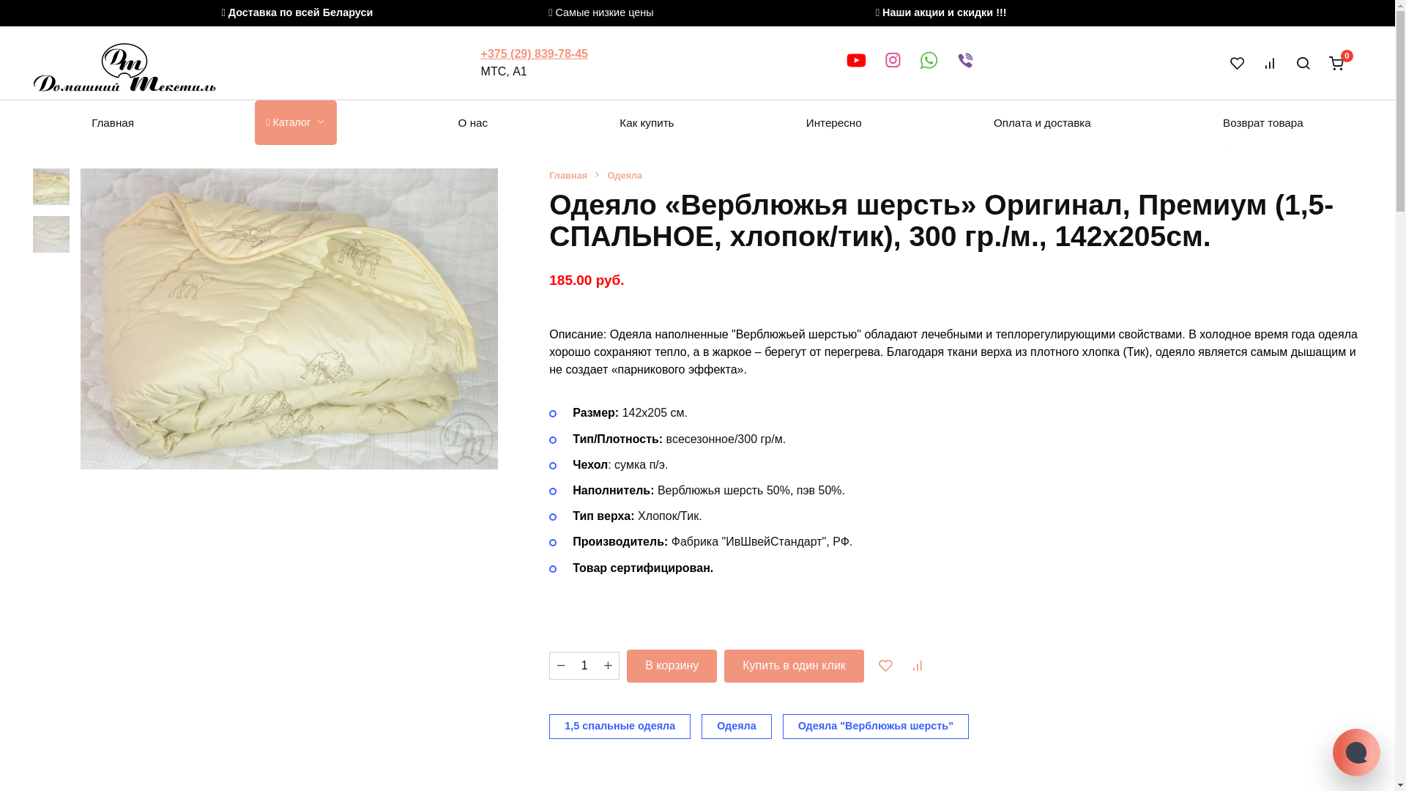 The width and height of the screenshot is (1406, 791). Describe the element at coordinates (289, 318) in the screenshot. I see `'DSC_1575'` at that location.